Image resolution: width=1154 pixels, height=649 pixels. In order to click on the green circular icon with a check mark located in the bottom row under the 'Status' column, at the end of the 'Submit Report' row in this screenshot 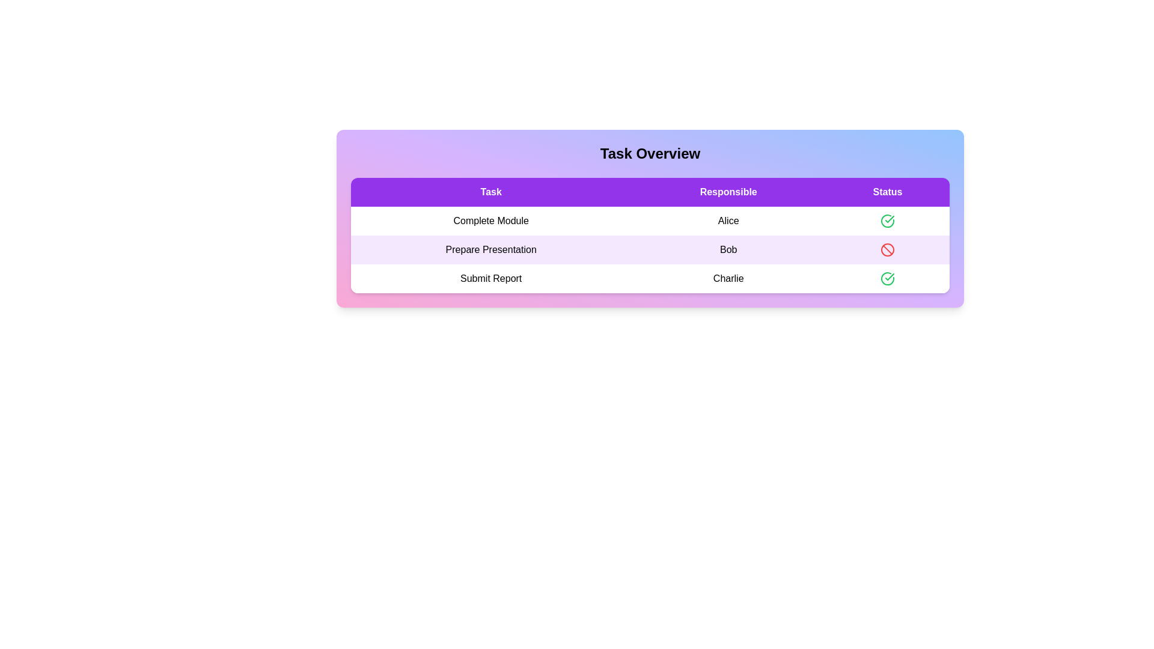, I will do `click(888, 278)`.